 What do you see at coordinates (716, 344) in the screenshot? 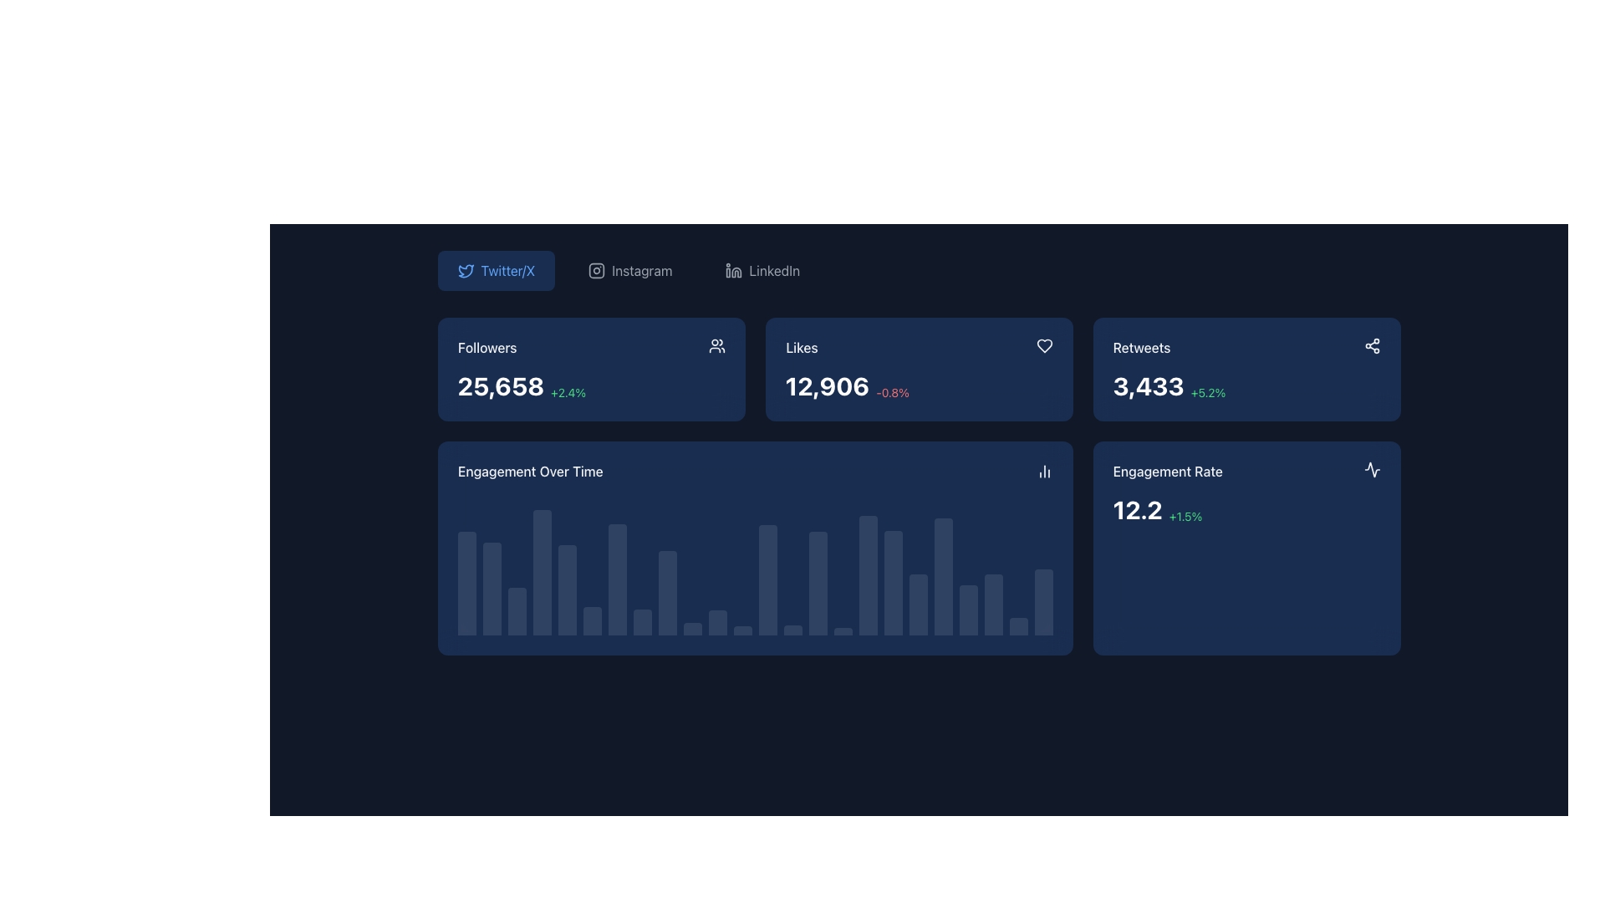
I see `the user group icon, which is depicted in an outlined style with two circular shapes representing heads and placed within a dark blue rectangular card labeled 'Followers.'` at bounding box center [716, 344].